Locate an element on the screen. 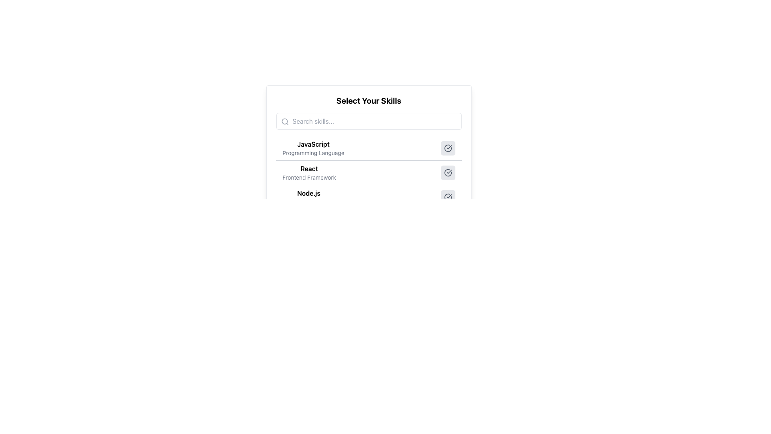 Image resolution: width=771 pixels, height=434 pixels. the informational label titled 'React' with the subtitle 'Frontend Framework', located as the second option under the 'Select Your Skills' section is located at coordinates (309, 172).